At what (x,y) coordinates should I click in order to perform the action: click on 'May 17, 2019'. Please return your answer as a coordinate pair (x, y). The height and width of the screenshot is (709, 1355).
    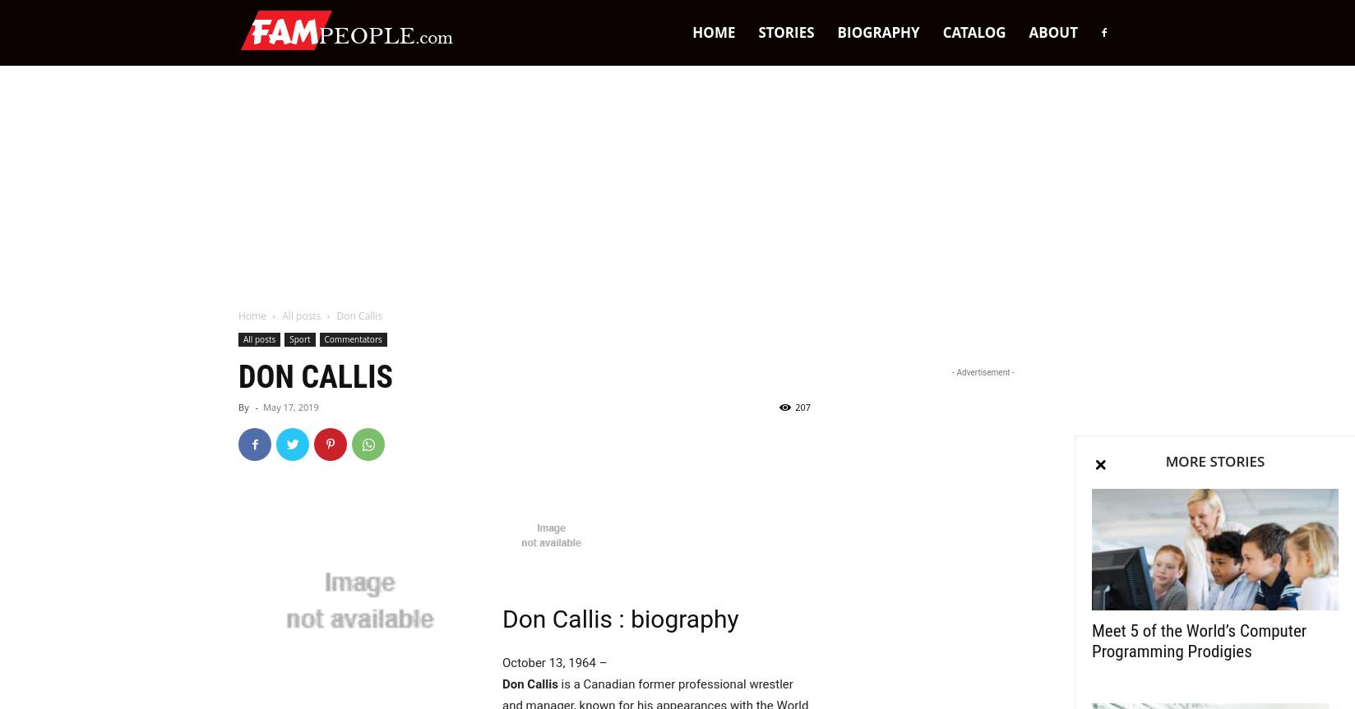
    Looking at the image, I should click on (289, 406).